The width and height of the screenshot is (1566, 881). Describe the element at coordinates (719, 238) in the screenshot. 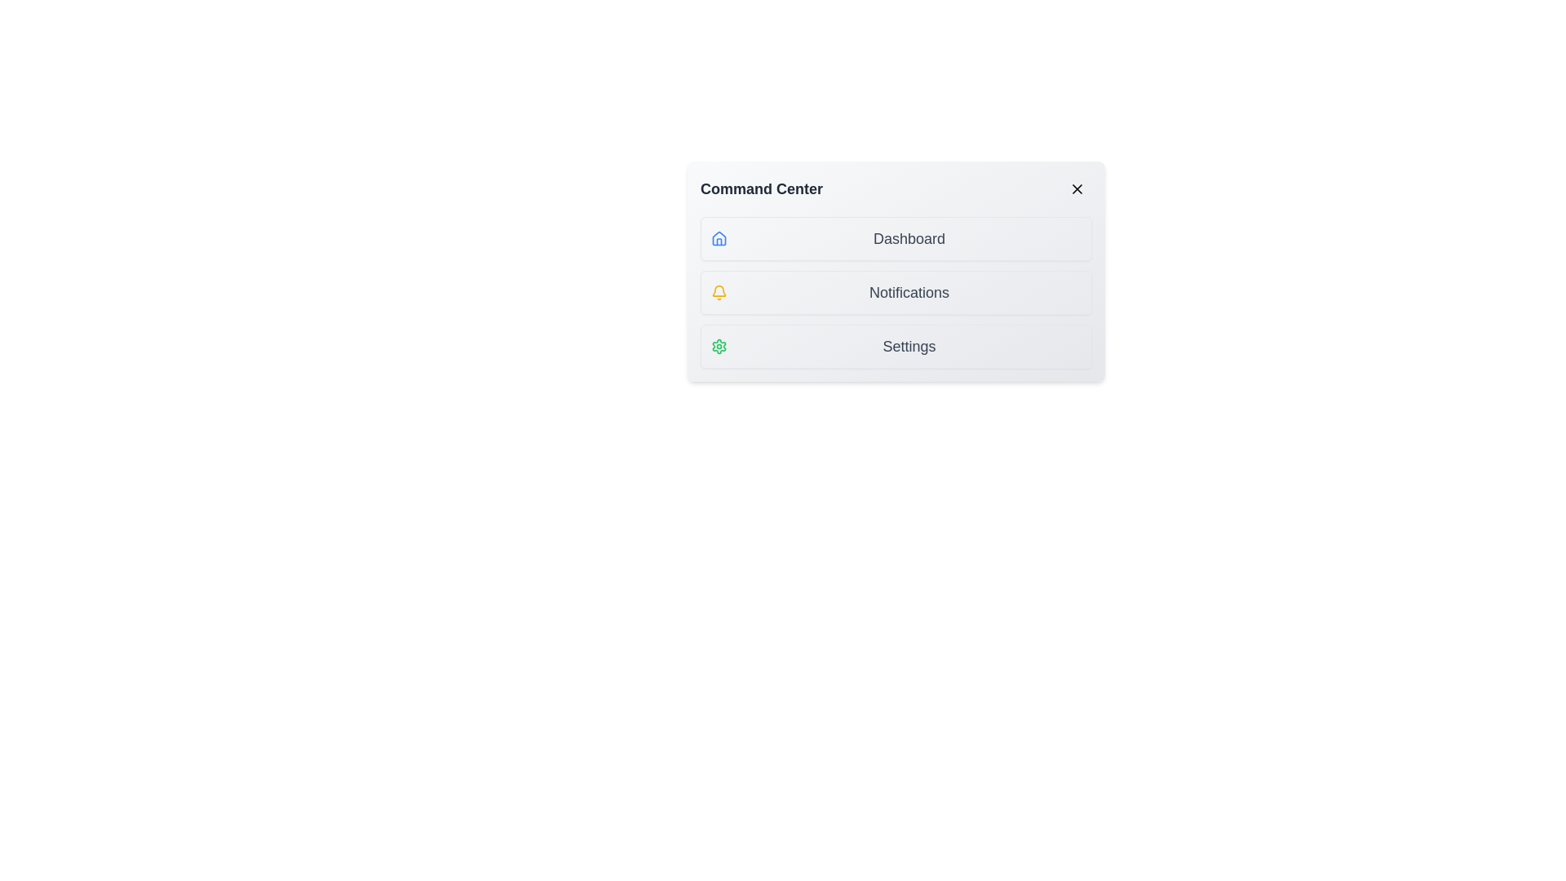

I see `the house-shaped icon with a blue border located next to 'Dashboard'` at that location.